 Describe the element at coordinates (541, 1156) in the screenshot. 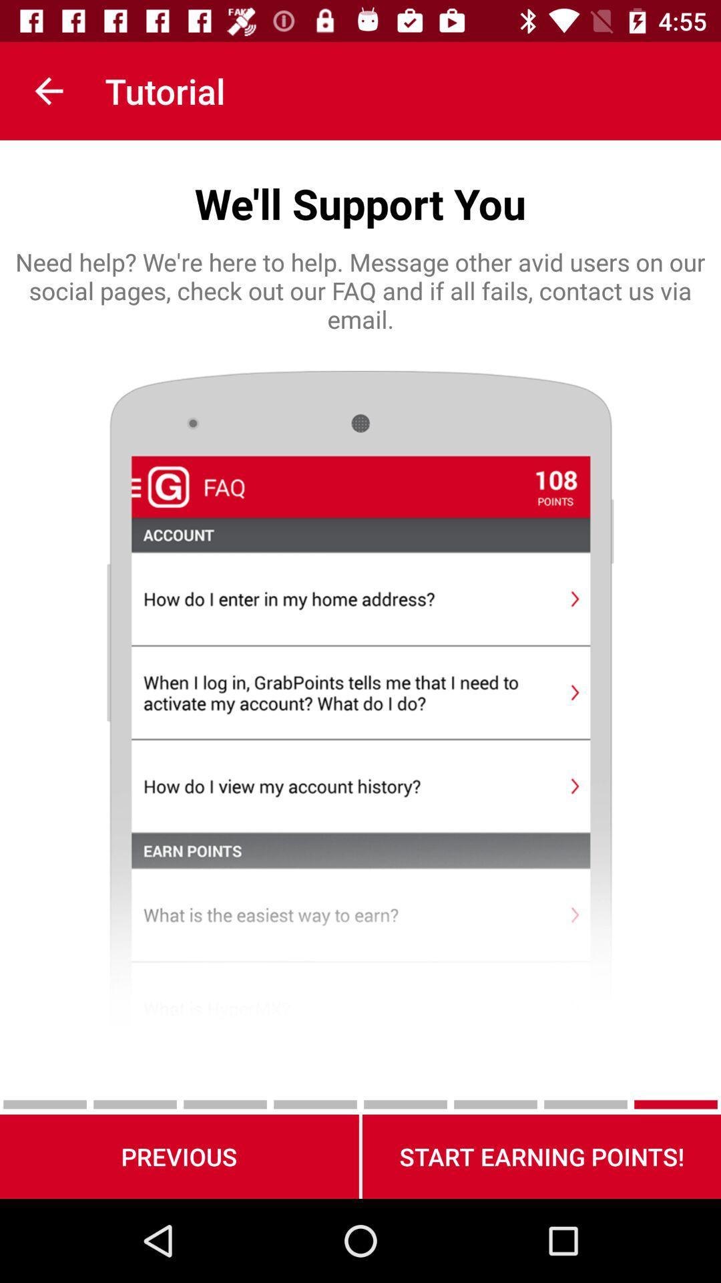

I see `the item next to the previous item` at that location.